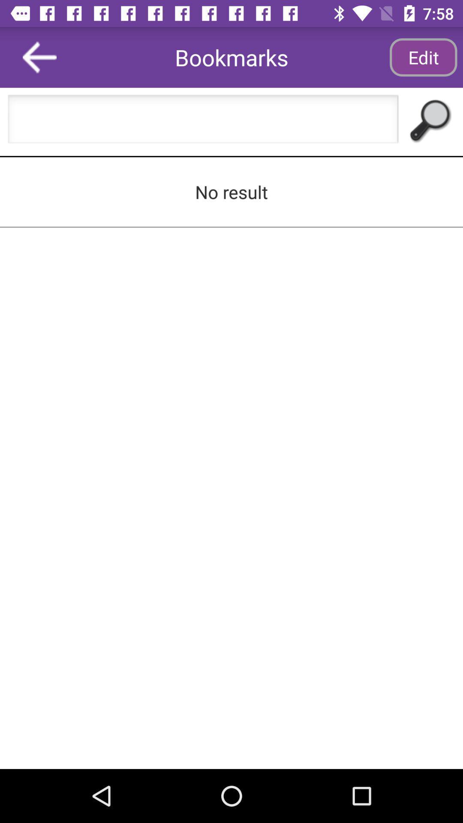 Image resolution: width=463 pixels, height=823 pixels. I want to click on the icon below the edit, so click(429, 121).